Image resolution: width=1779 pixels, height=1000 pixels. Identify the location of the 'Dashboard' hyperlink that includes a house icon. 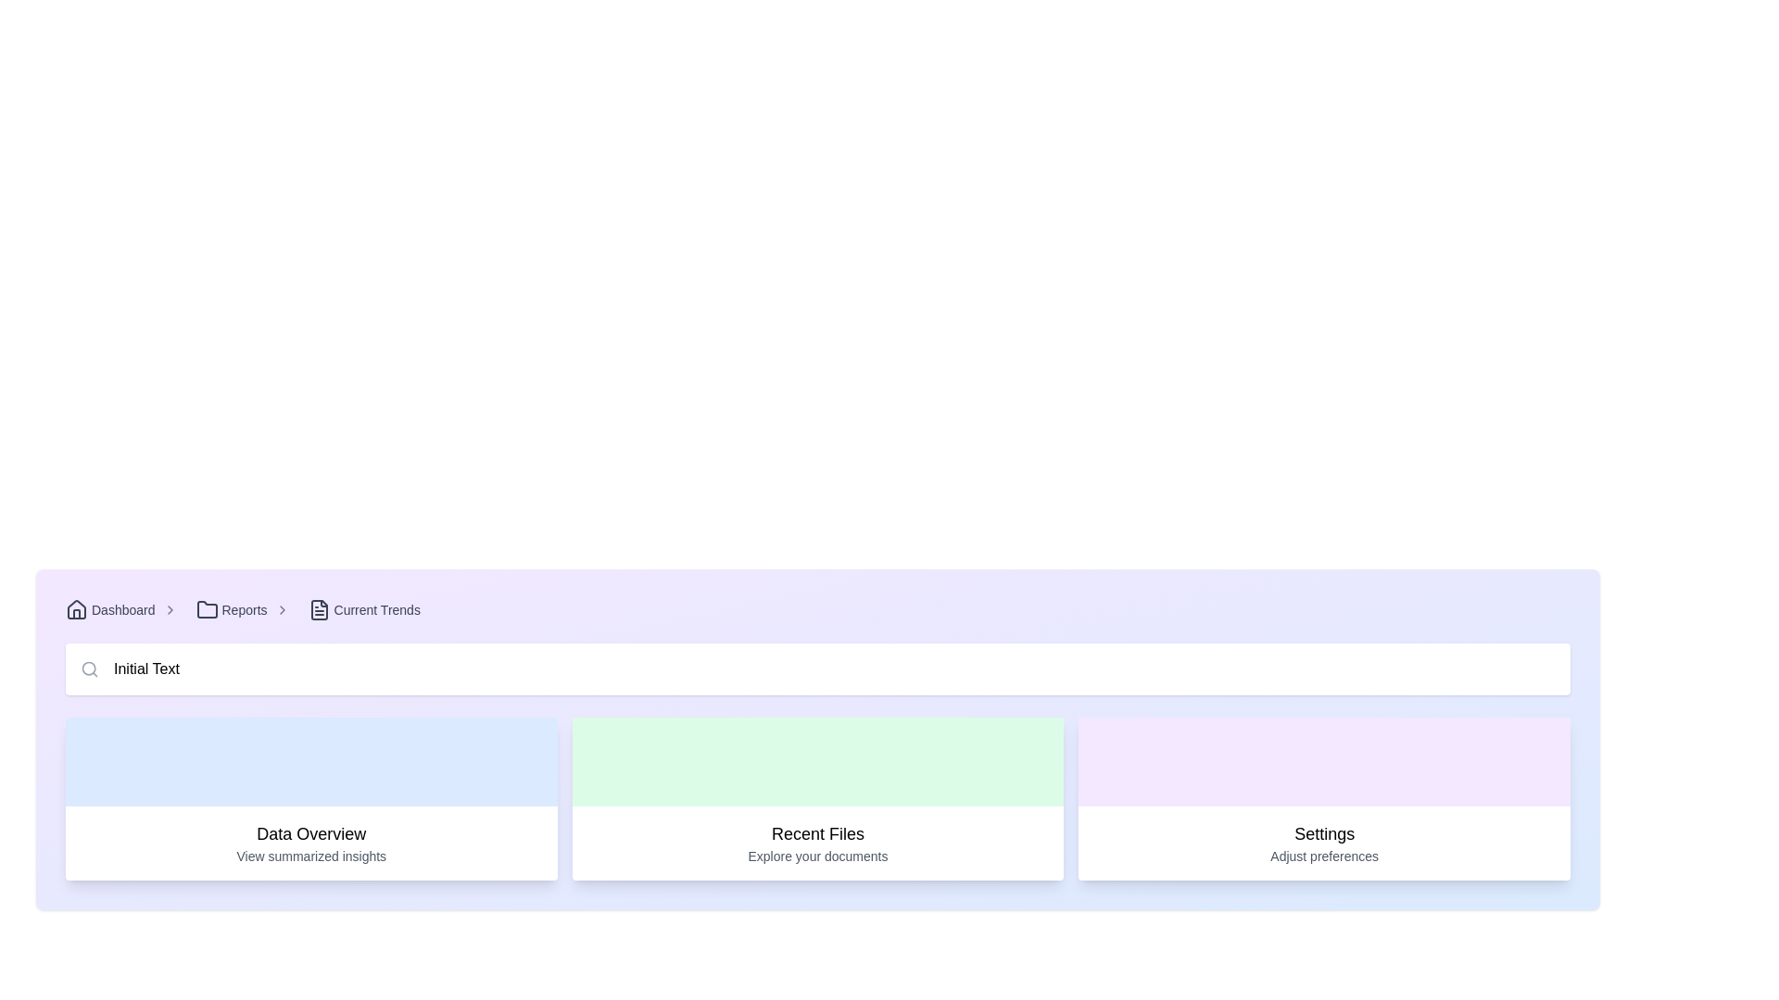
(109, 610).